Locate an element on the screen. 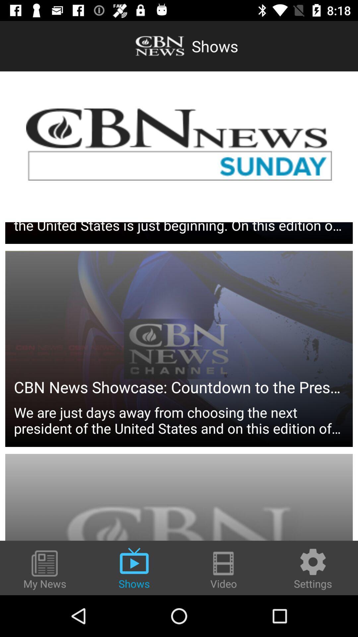 Image resolution: width=358 pixels, height=637 pixels. item at the bottom right corner is located at coordinates (313, 568).